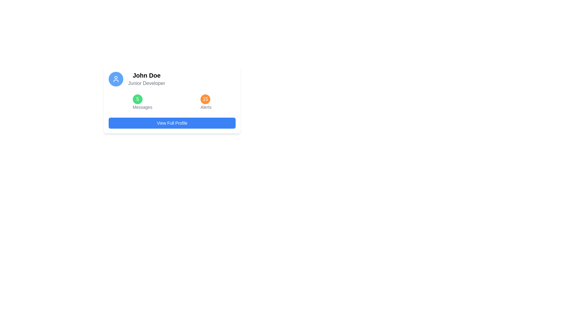 The image size is (586, 330). Describe the element at coordinates (206, 102) in the screenshot. I see `the Information Badge, which is a circular orange badge with the number '15' inside, positioned above the 'Alerts' label` at that location.